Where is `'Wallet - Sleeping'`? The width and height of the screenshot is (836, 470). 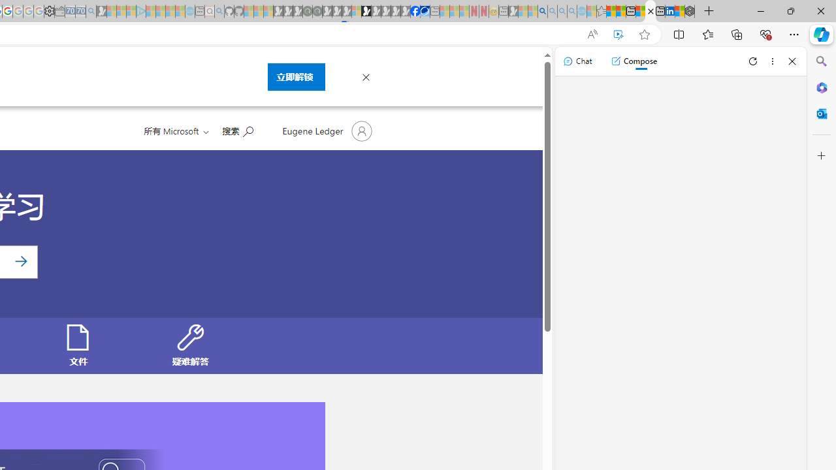 'Wallet - Sleeping' is located at coordinates (59, 11).